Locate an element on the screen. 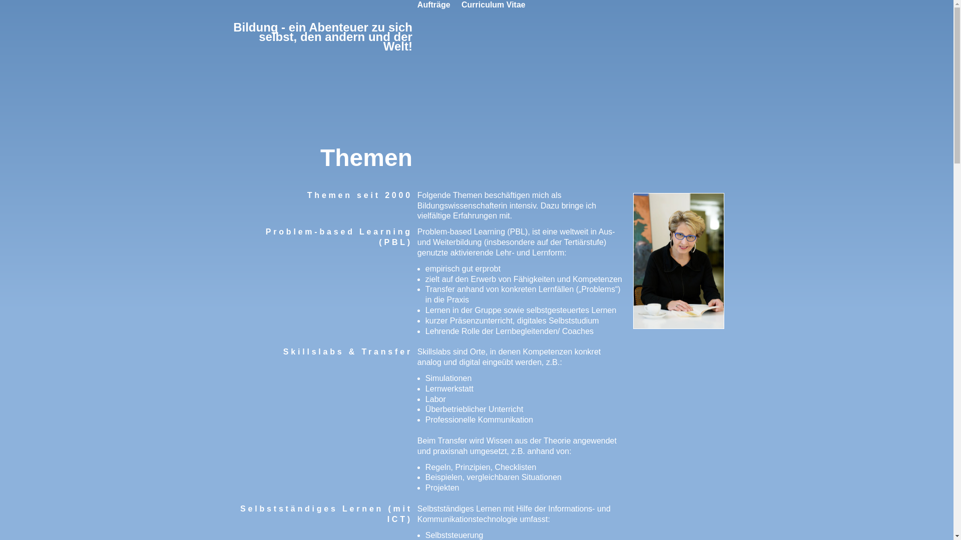  'Curriculum Vitae' is located at coordinates (493, 4).